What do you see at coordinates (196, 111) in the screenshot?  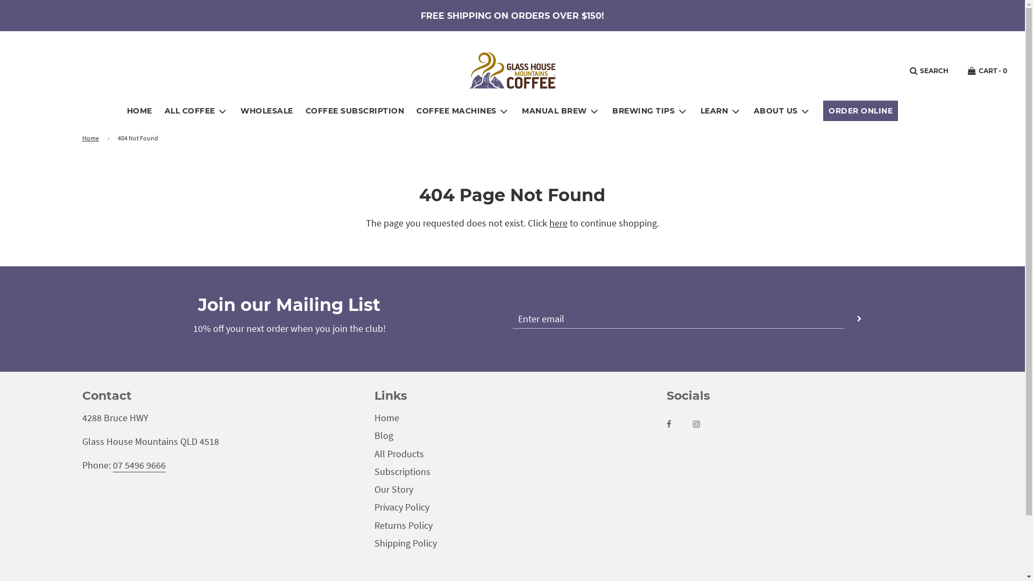 I see `'ALL COFFEE'` at bounding box center [196, 111].